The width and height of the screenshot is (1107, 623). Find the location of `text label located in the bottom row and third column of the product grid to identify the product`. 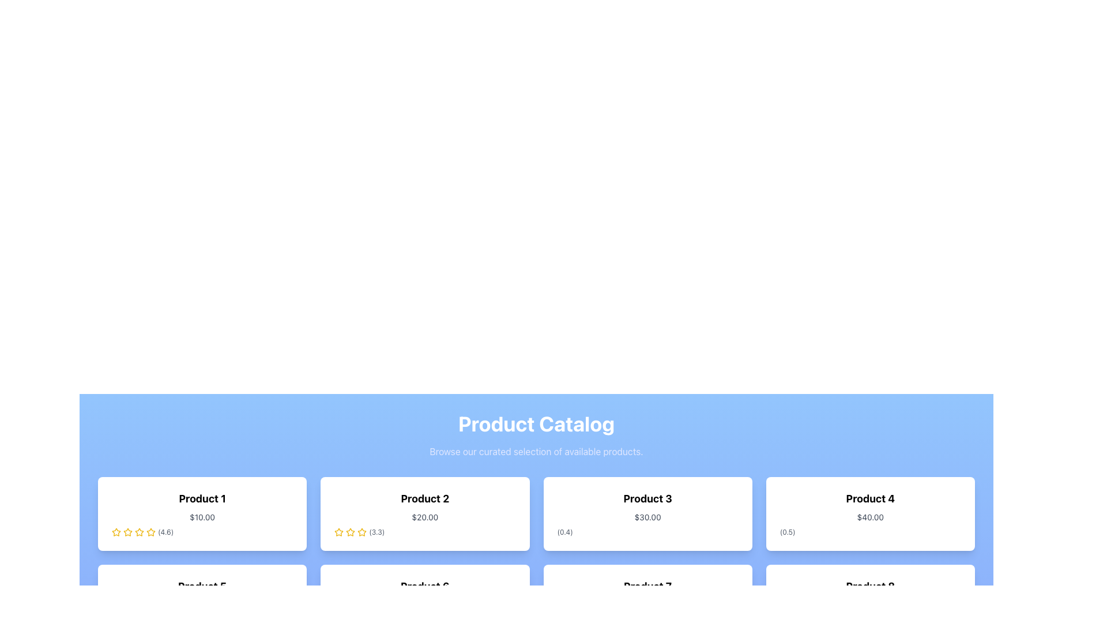

text label located in the bottom row and third column of the product grid to identify the product is located at coordinates (647, 587).